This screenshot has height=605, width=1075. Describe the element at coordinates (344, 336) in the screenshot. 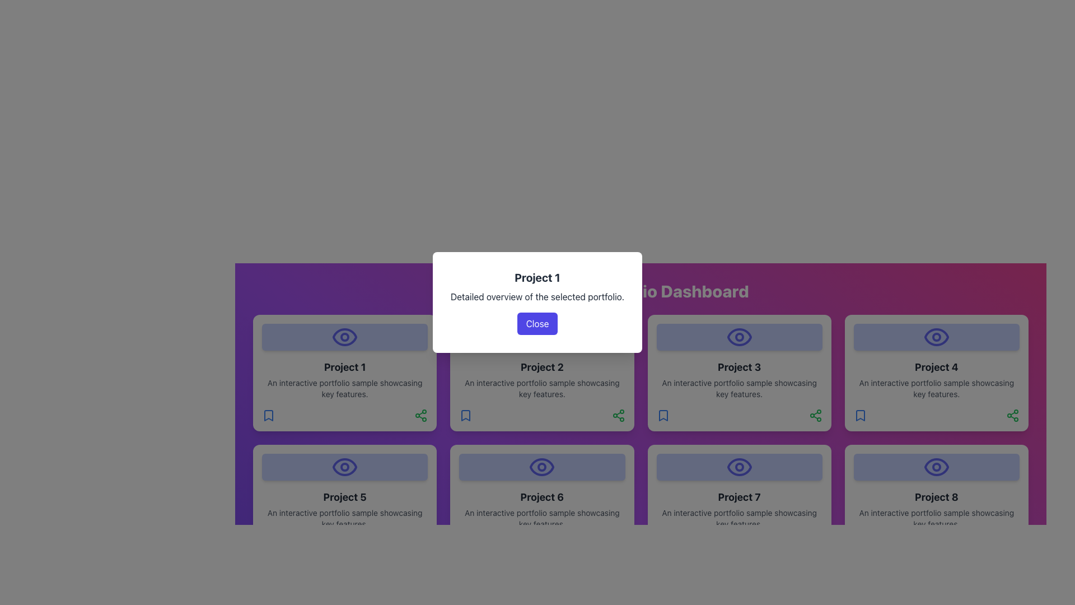

I see `the eye icon element, which is indigo-colored and outlined, located in the center of the top row of icons above the title 'Project 1'` at that location.